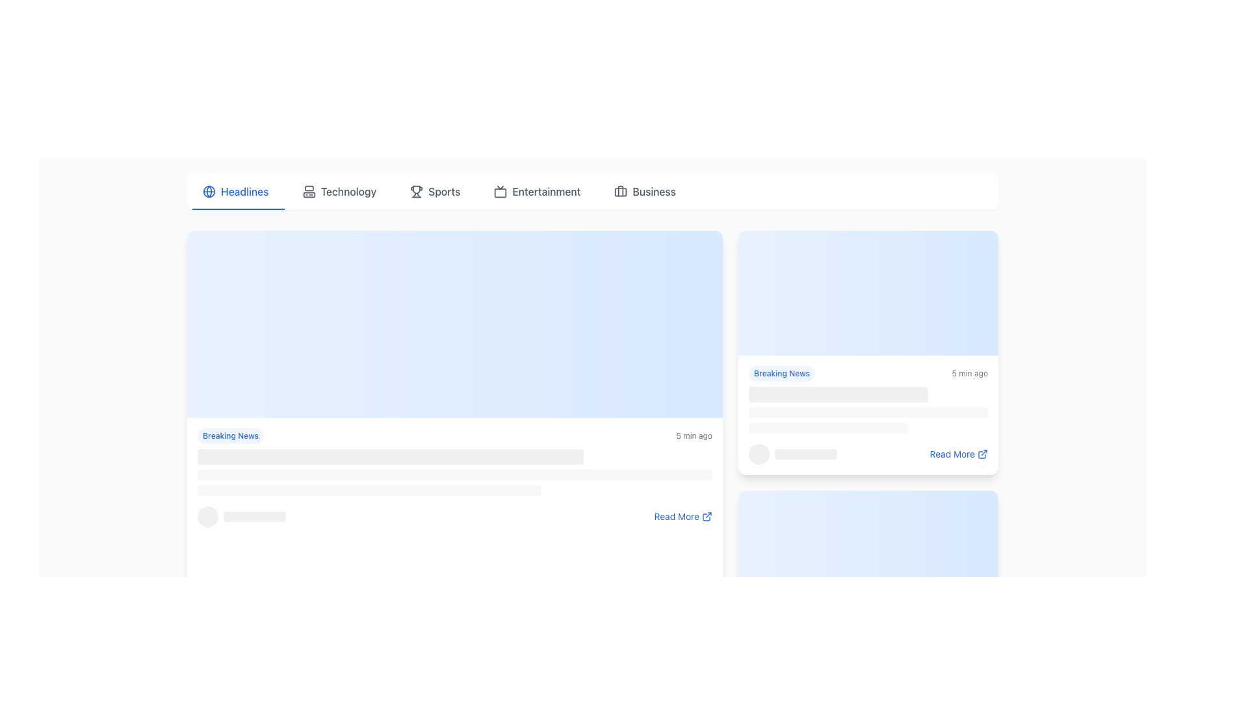 The image size is (1248, 702). What do you see at coordinates (654, 191) in the screenshot?
I see `the 'Business' text label in the navigation bar` at bounding box center [654, 191].